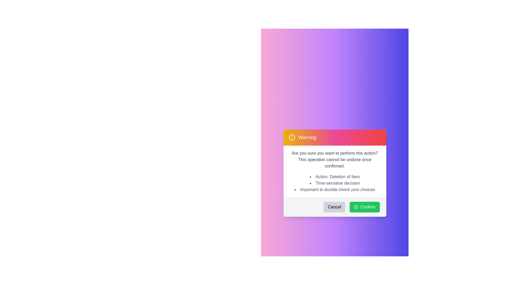 Image resolution: width=514 pixels, height=289 pixels. I want to click on the bright green 'Confirm' button with a checkmark icon located in the footer section of the modal dialog box to confirm the action, so click(364, 207).